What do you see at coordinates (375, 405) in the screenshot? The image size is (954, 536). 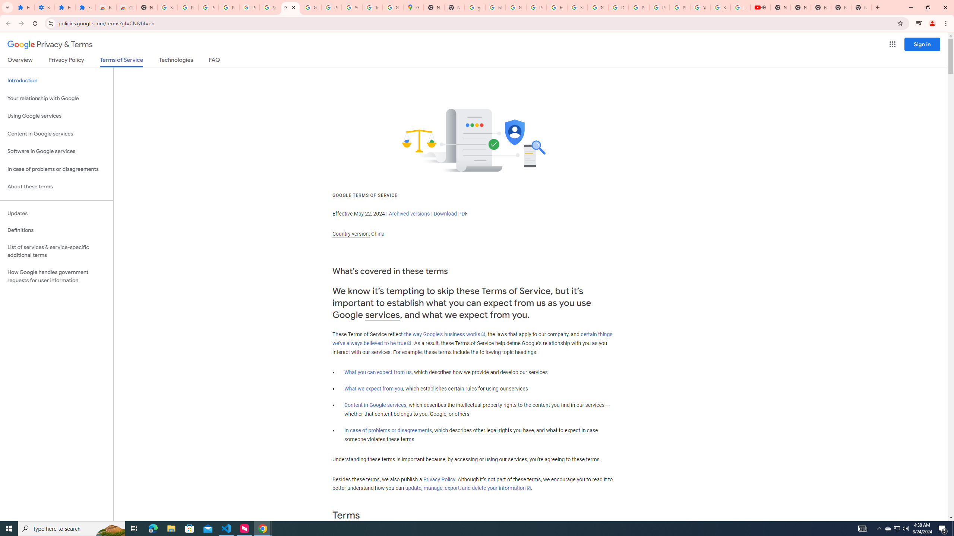 I see `'Content in Google services'` at bounding box center [375, 405].